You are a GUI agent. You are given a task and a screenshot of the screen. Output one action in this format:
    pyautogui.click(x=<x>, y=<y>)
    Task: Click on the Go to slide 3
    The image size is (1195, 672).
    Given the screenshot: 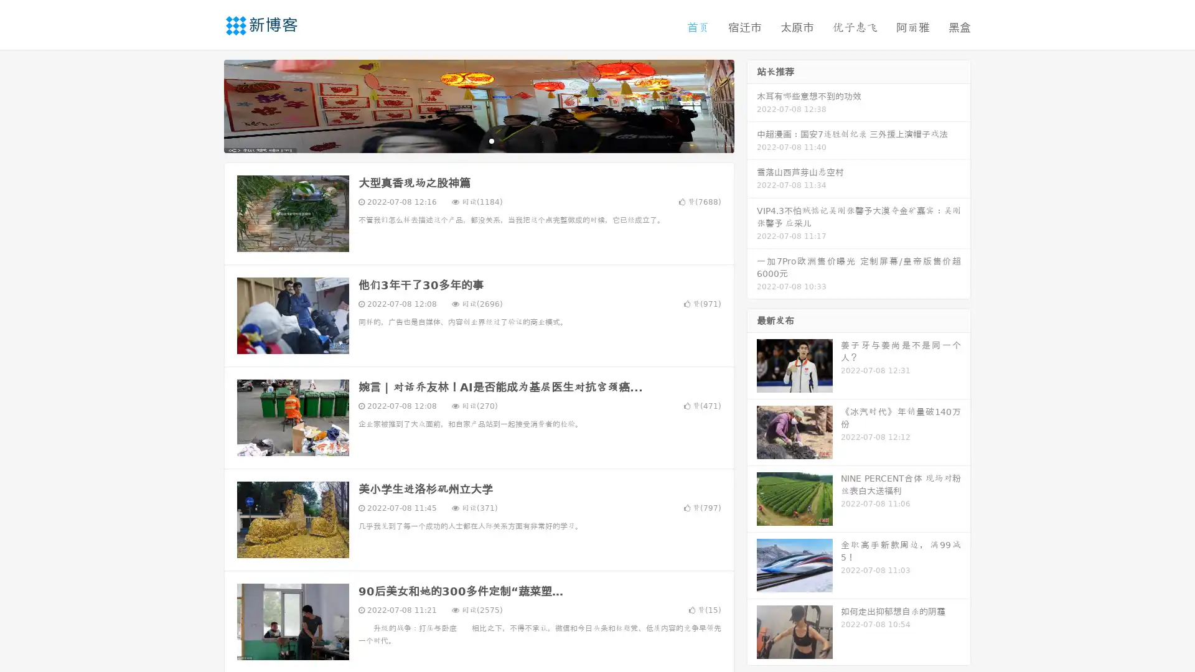 What is the action you would take?
    pyautogui.click(x=491, y=140)
    